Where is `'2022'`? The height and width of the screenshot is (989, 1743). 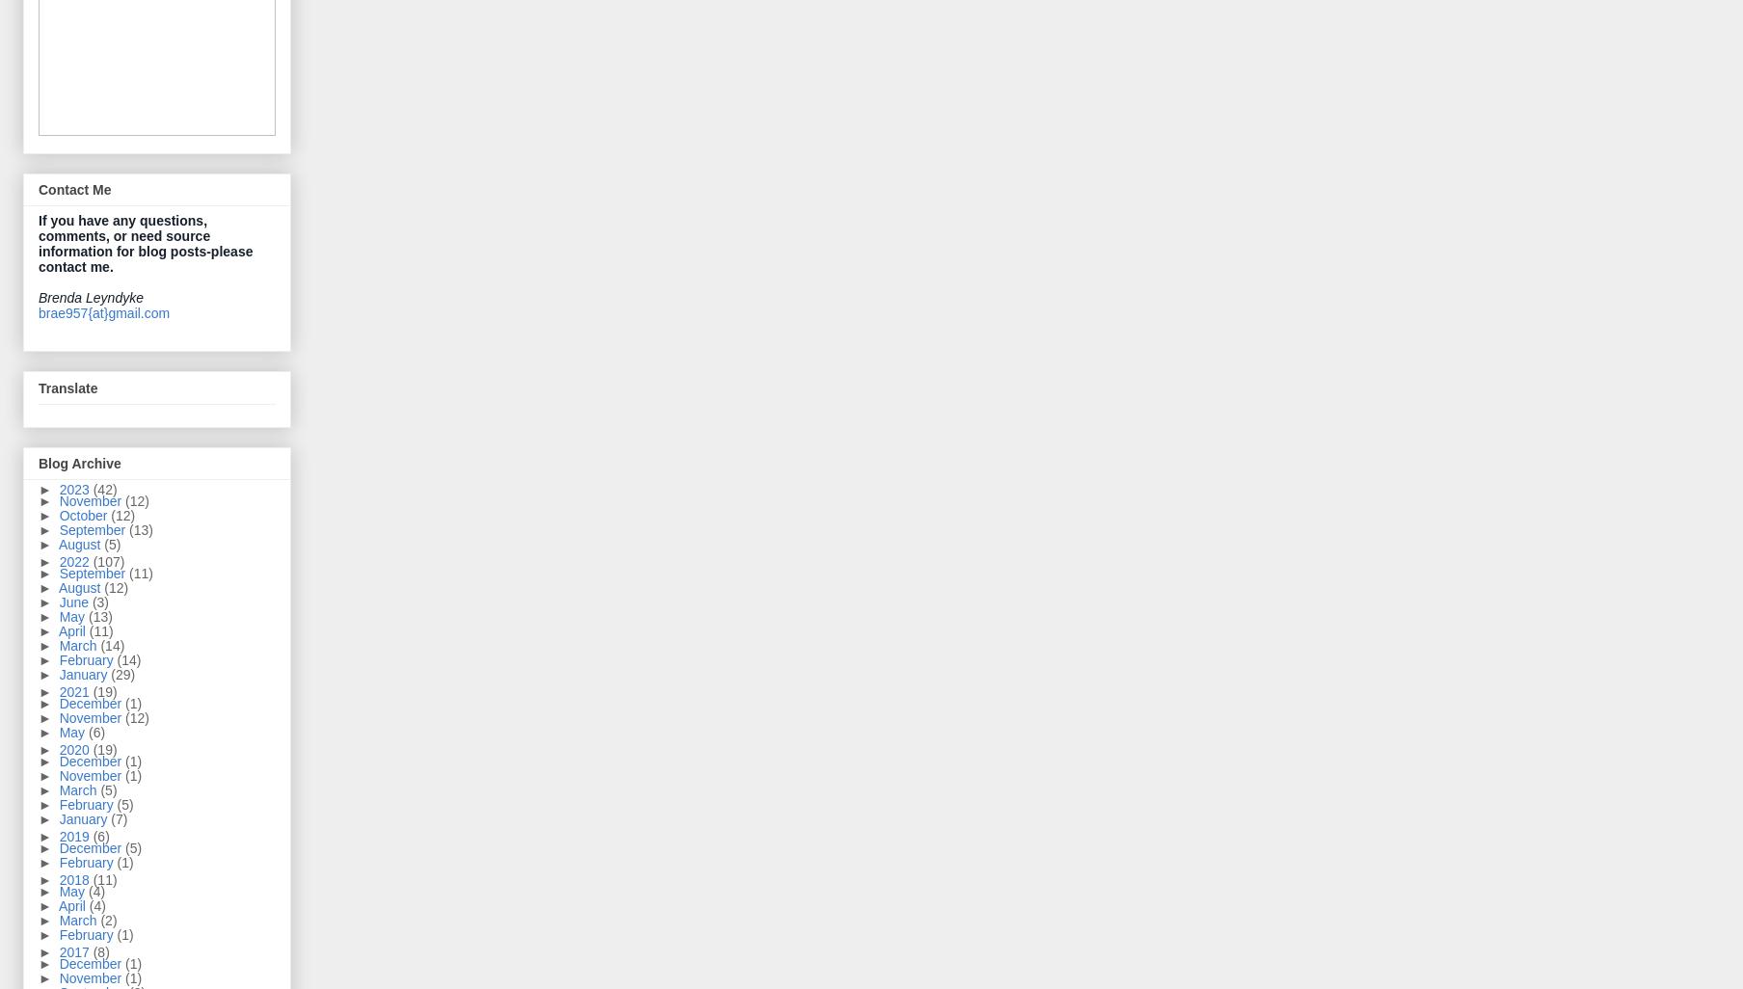
'2022' is located at coordinates (74, 560).